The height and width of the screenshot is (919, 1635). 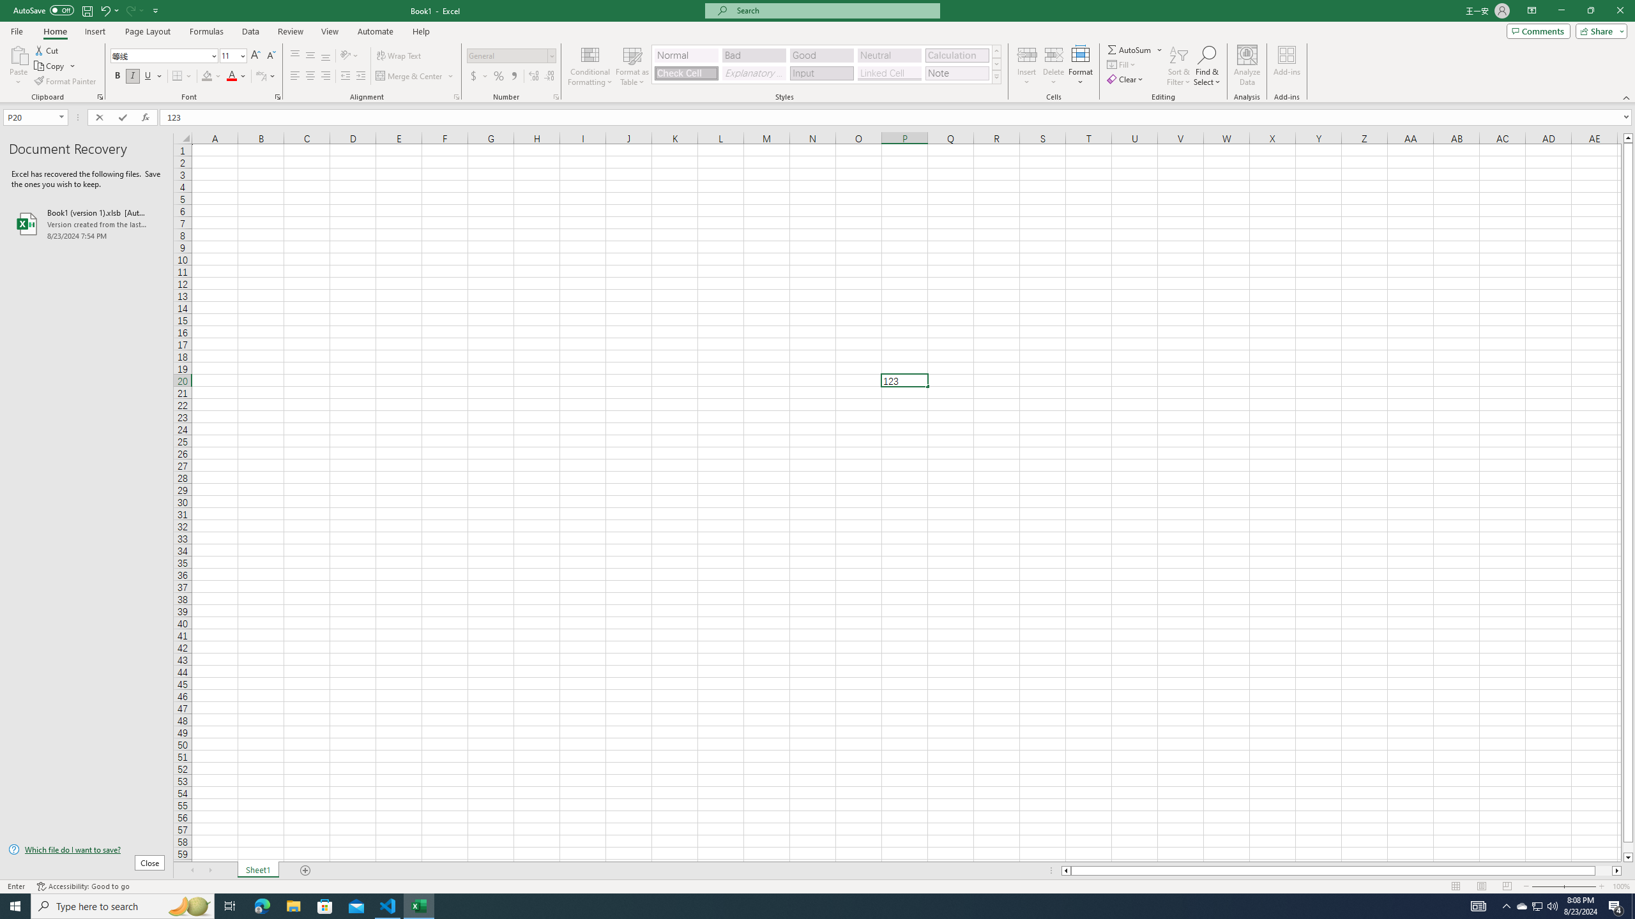 I want to click on 'Undo', so click(x=109, y=10).